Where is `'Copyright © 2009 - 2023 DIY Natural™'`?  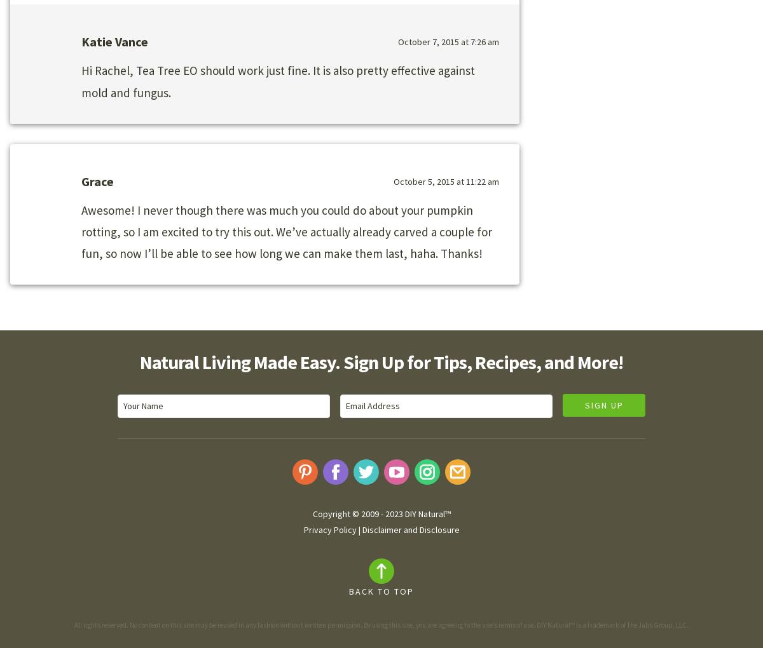
'Copyright © 2009 - 2023 DIY Natural™' is located at coordinates (380, 513).